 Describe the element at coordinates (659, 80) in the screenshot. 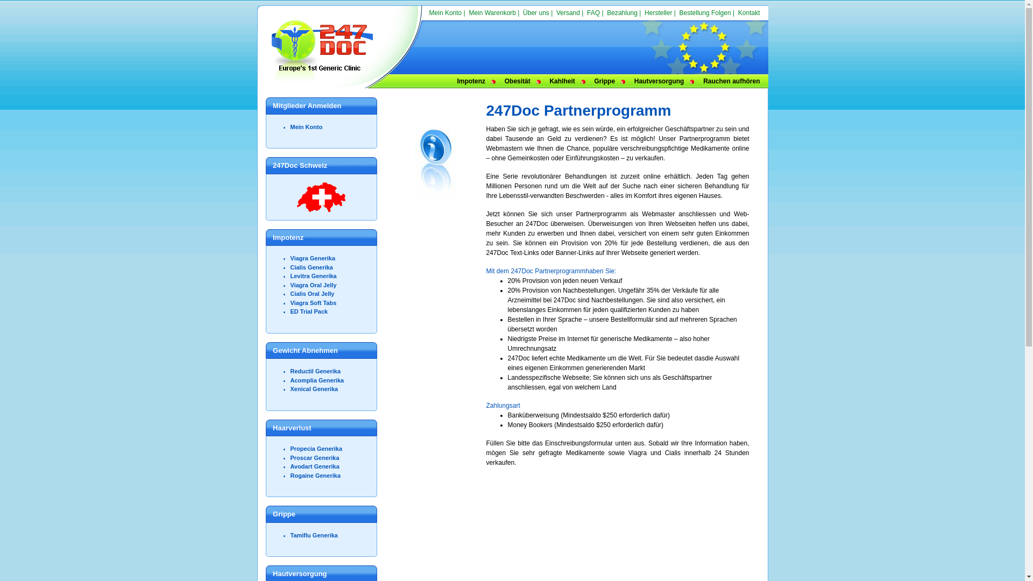

I see `'Hautversorgung'` at that location.